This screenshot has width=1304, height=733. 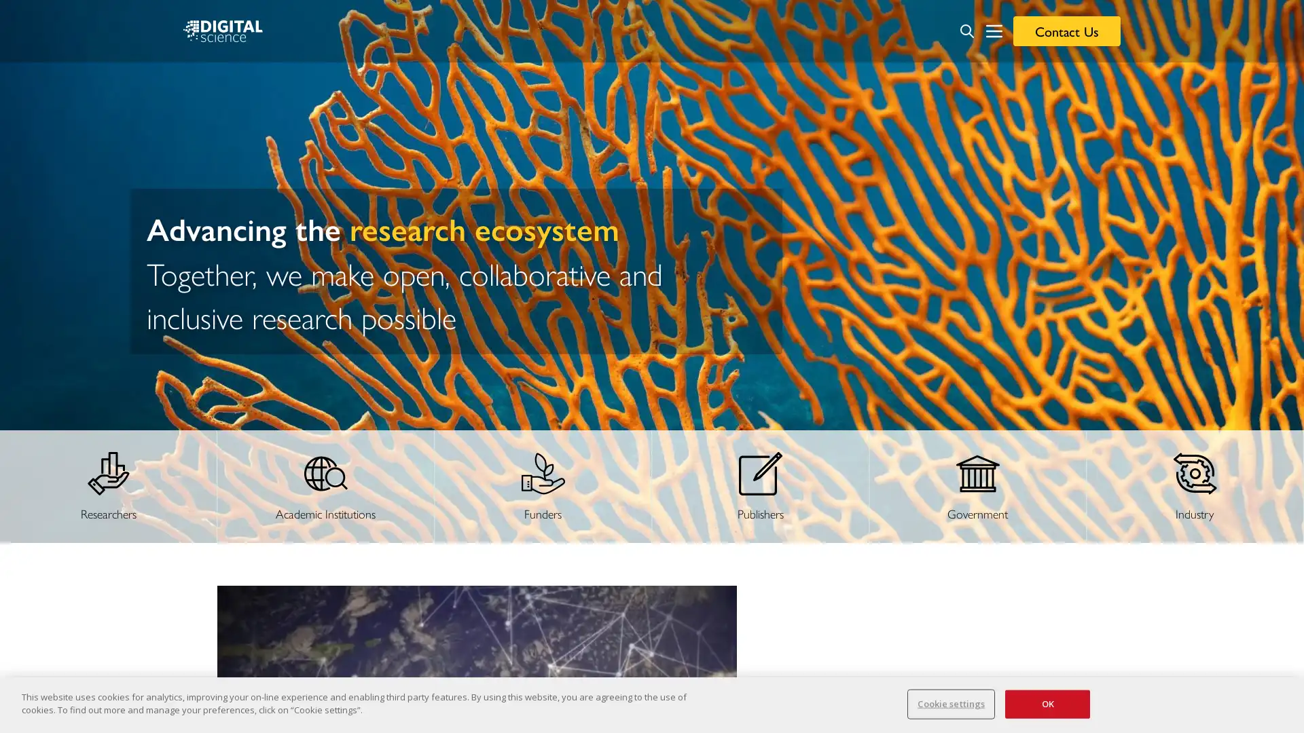 I want to click on Contact Us, so click(x=1066, y=31).